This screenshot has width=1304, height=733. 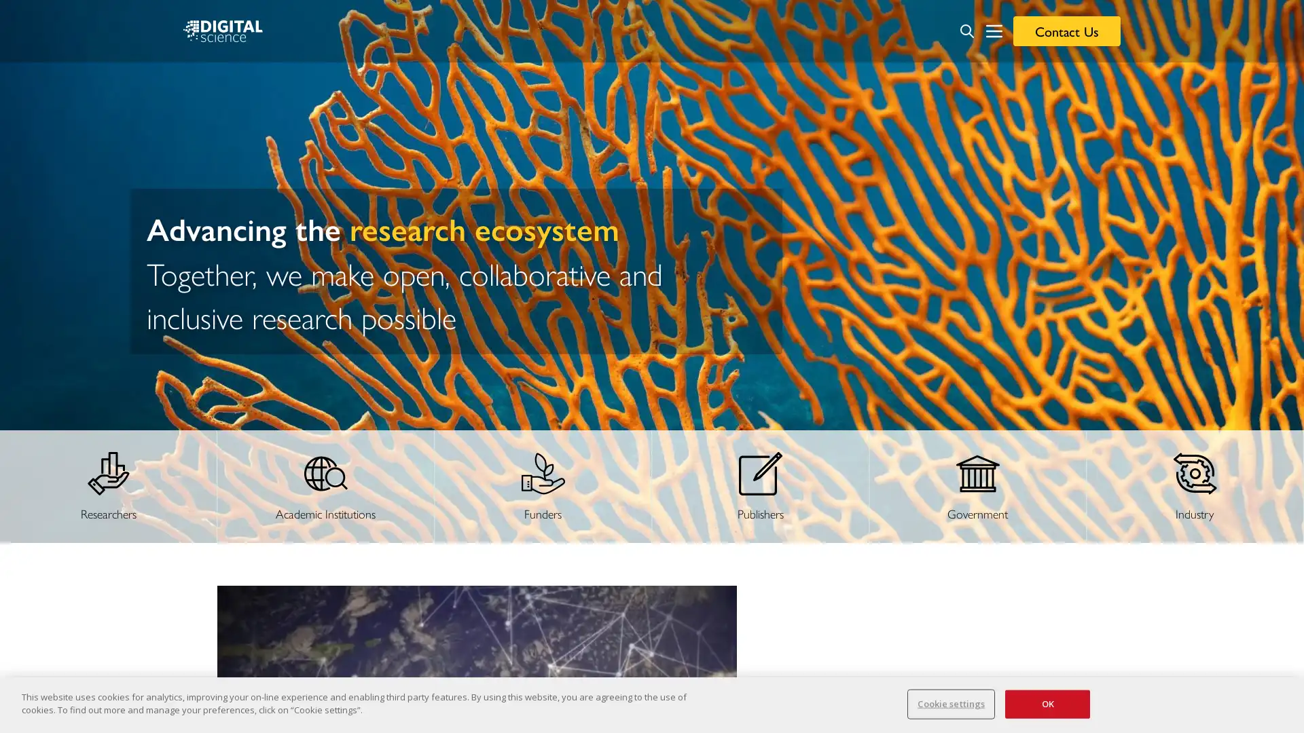 I want to click on Contact Us, so click(x=1066, y=31).